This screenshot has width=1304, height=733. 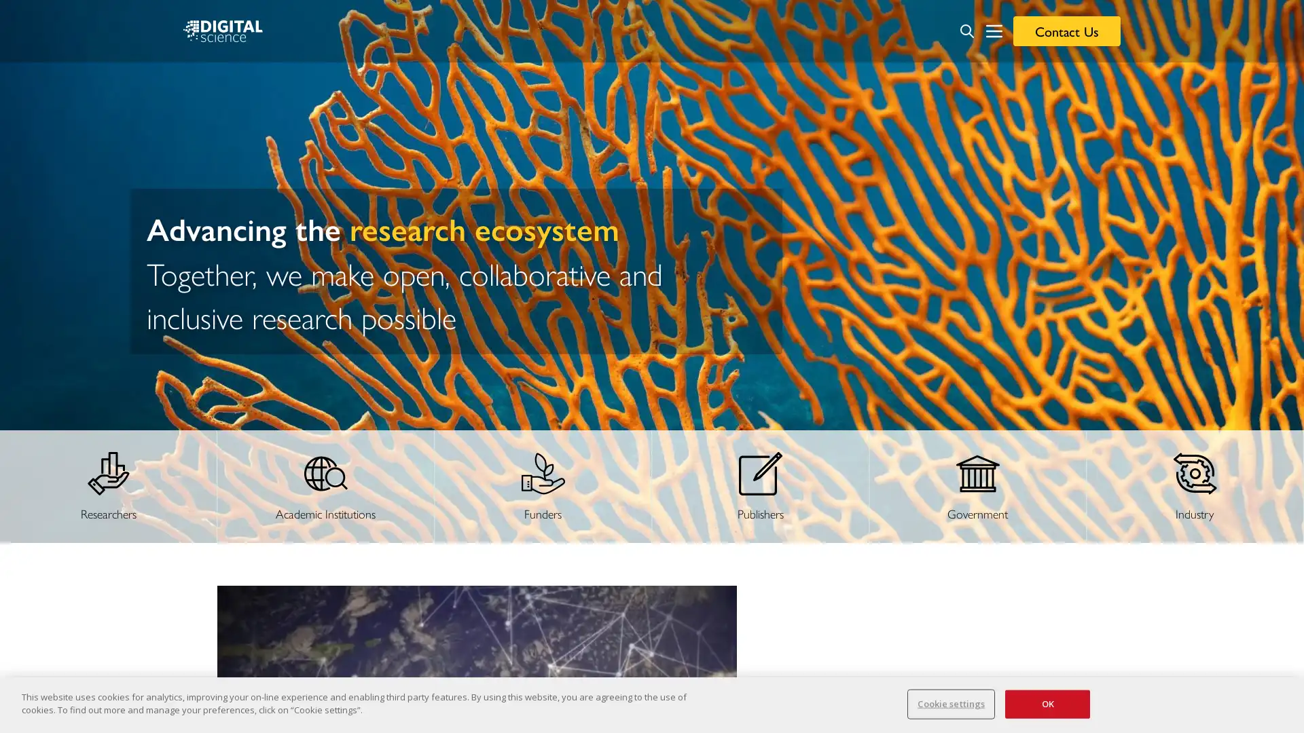 I want to click on Contact Us, so click(x=1066, y=31).